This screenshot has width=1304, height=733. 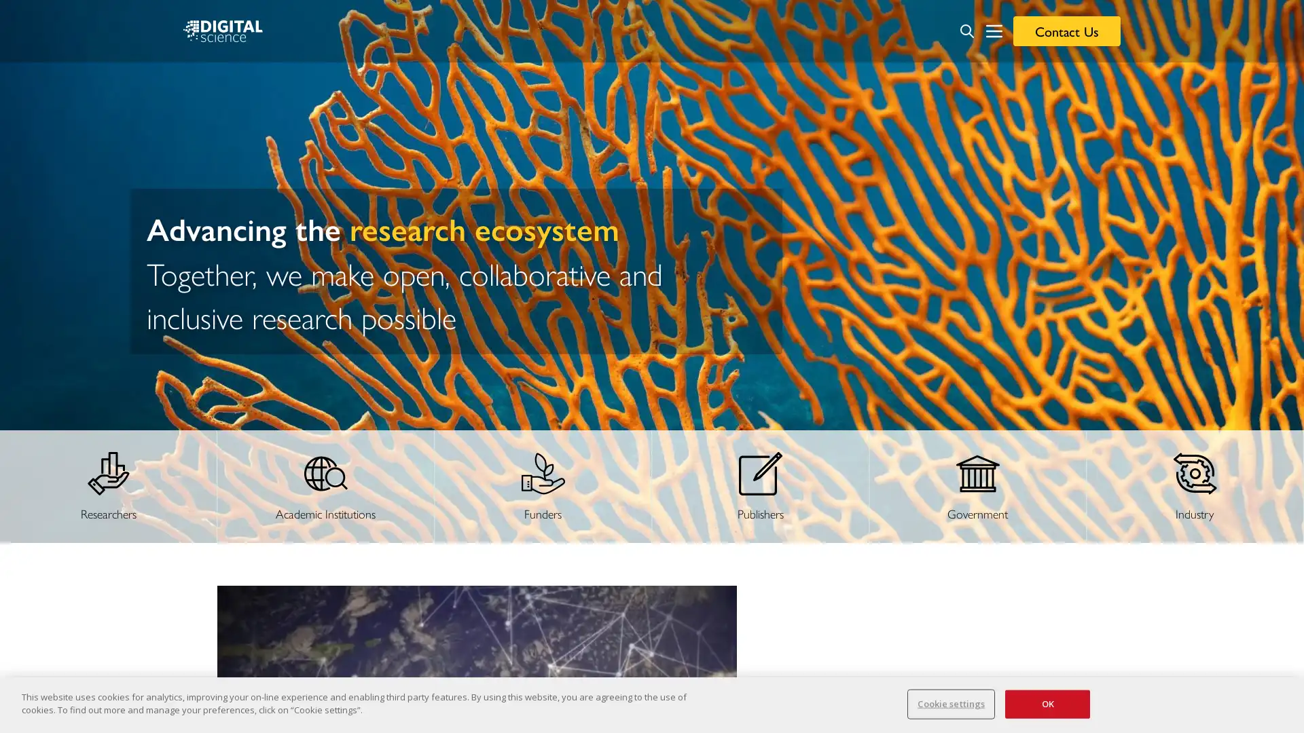 I want to click on Contact Us, so click(x=1066, y=31).